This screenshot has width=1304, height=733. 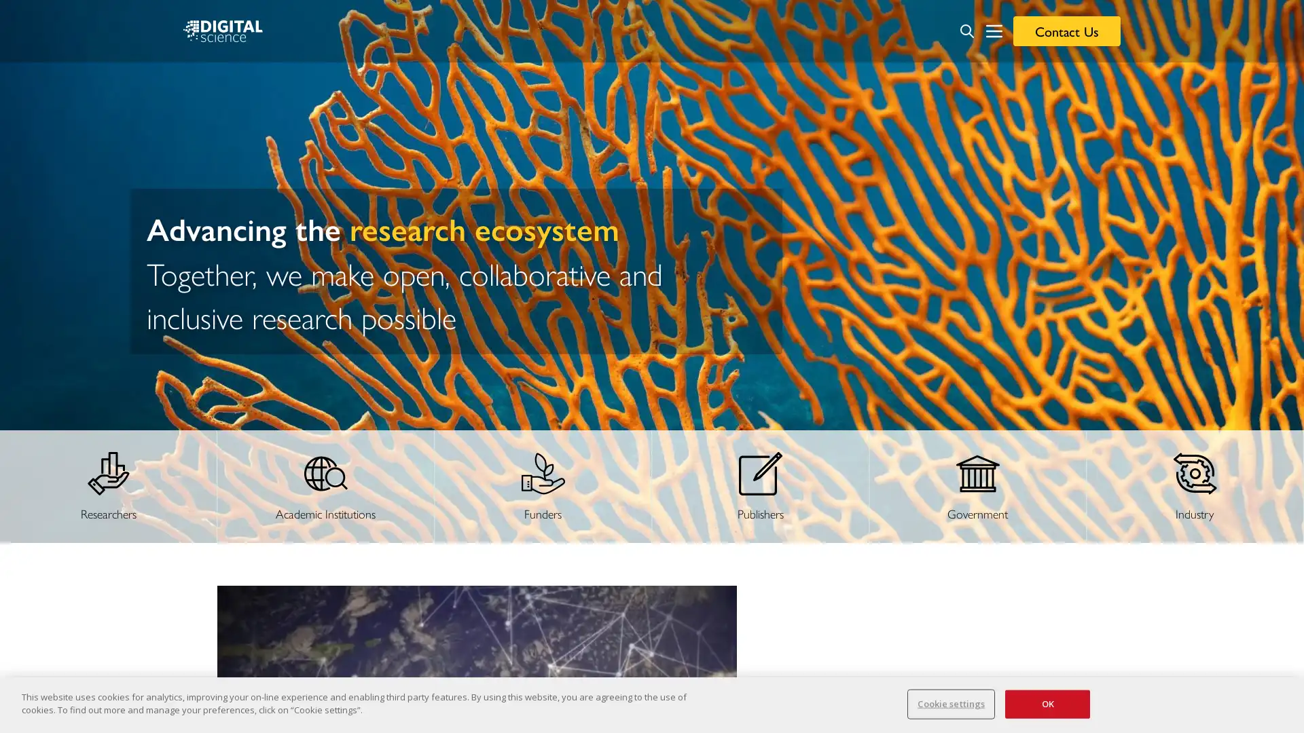 I want to click on Contact Us, so click(x=1066, y=31).